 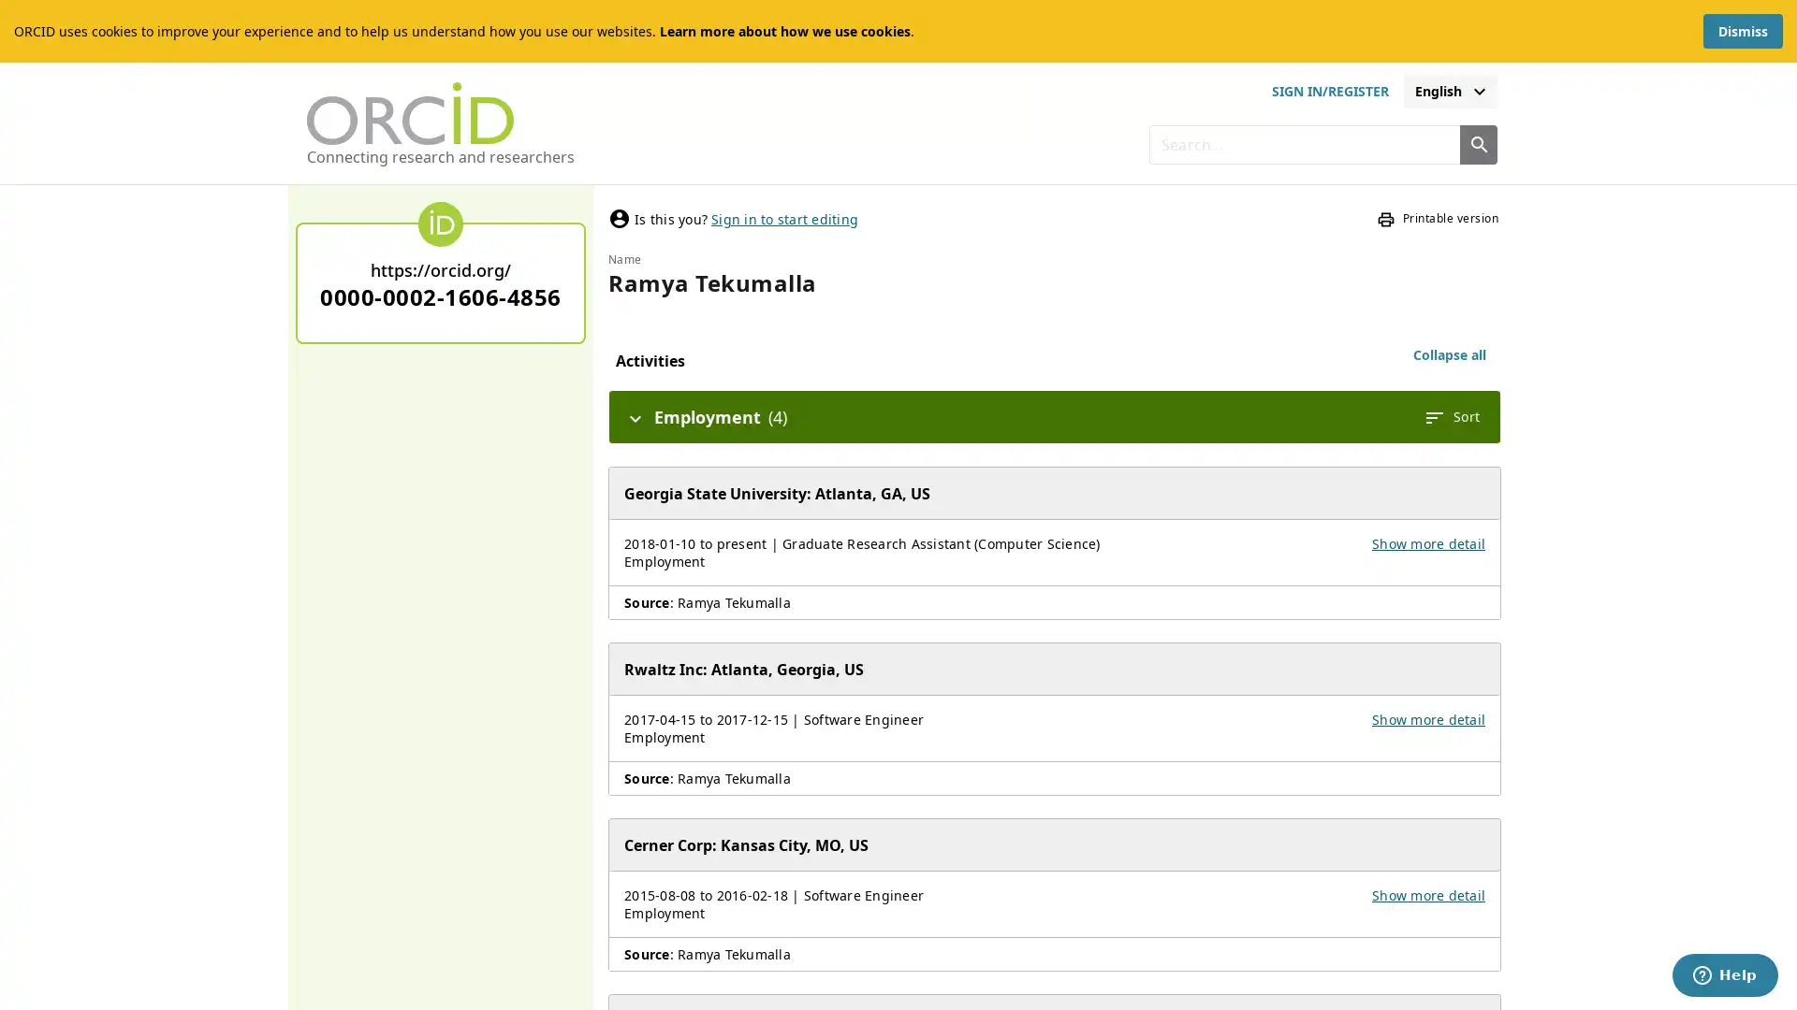 What do you see at coordinates (1427, 543) in the screenshot?
I see `Show more detail` at bounding box center [1427, 543].